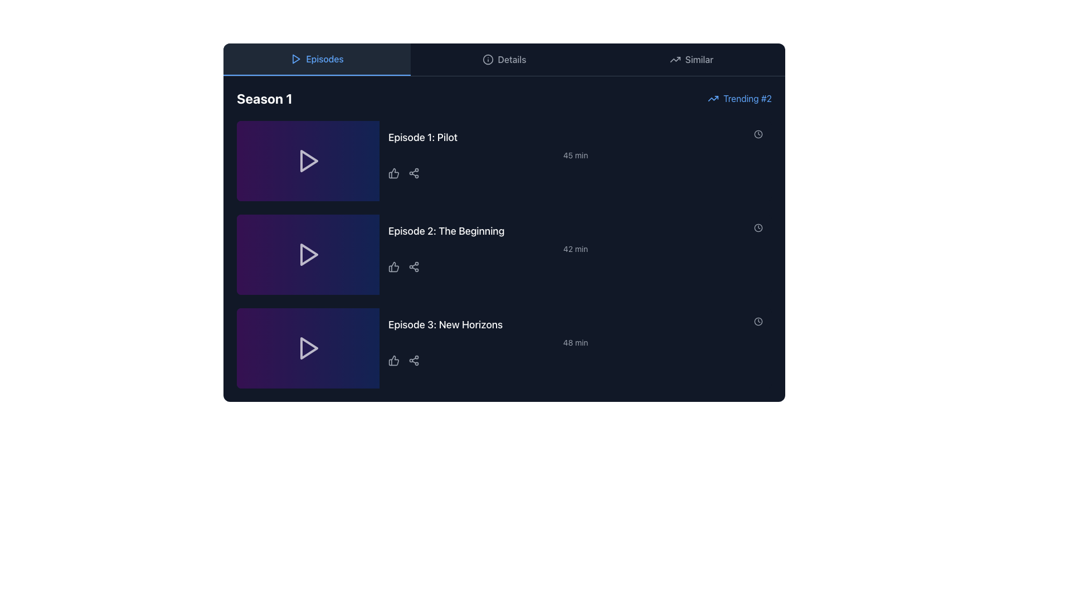 The width and height of the screenshot is (1070, 602). What do you see at coordinates (691, 60) in the screenshot?
I see `the third tab in the horizontal row of tabs at the top of the list interface` at bounding box center [691, 60].